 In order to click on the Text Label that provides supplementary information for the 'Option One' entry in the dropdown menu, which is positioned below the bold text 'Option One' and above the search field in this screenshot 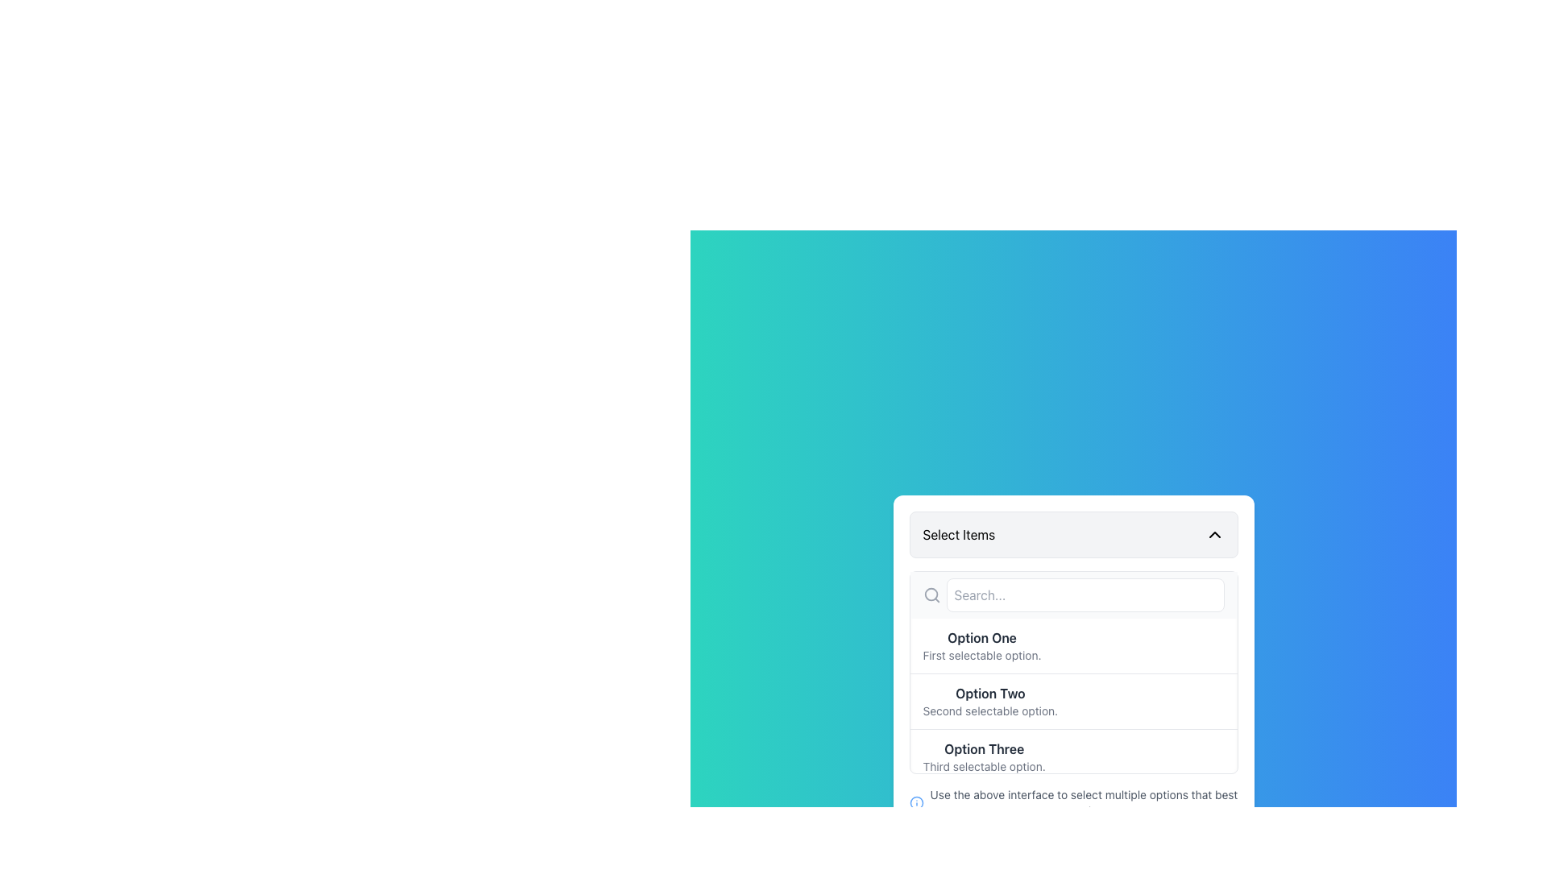, I will do `click(981, 655)`.